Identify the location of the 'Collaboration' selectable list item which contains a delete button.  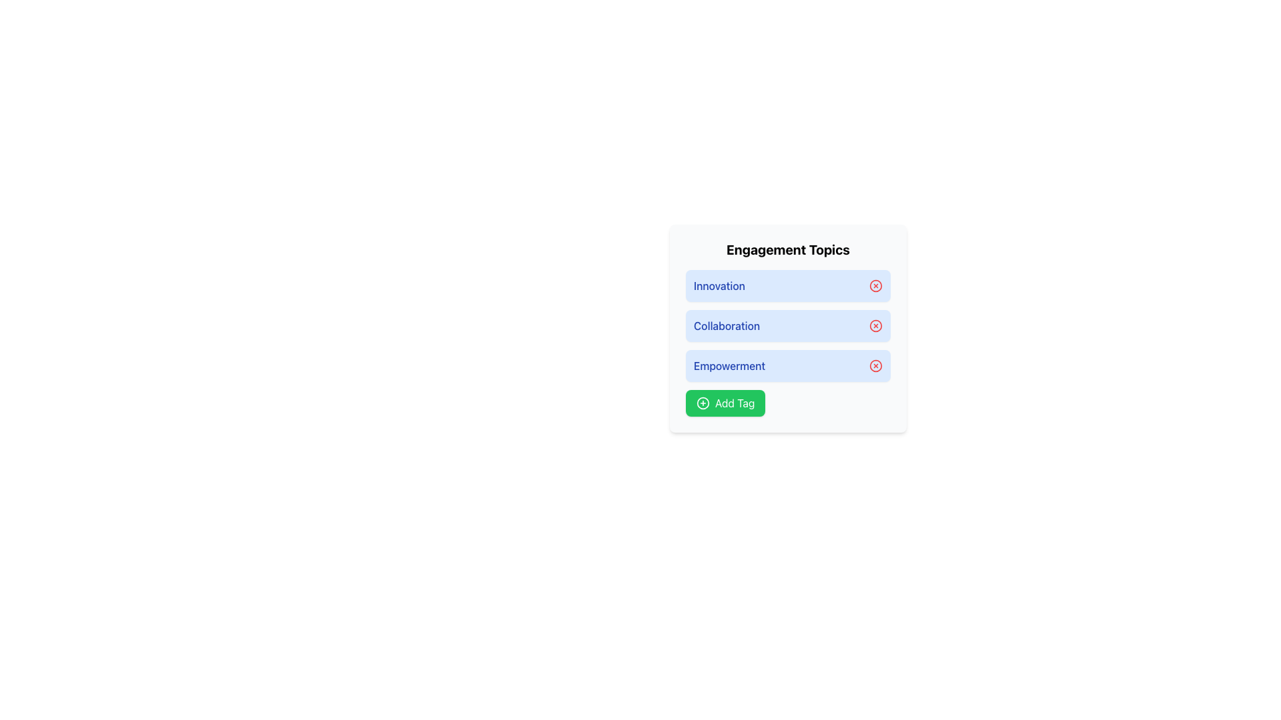
(788, 326).